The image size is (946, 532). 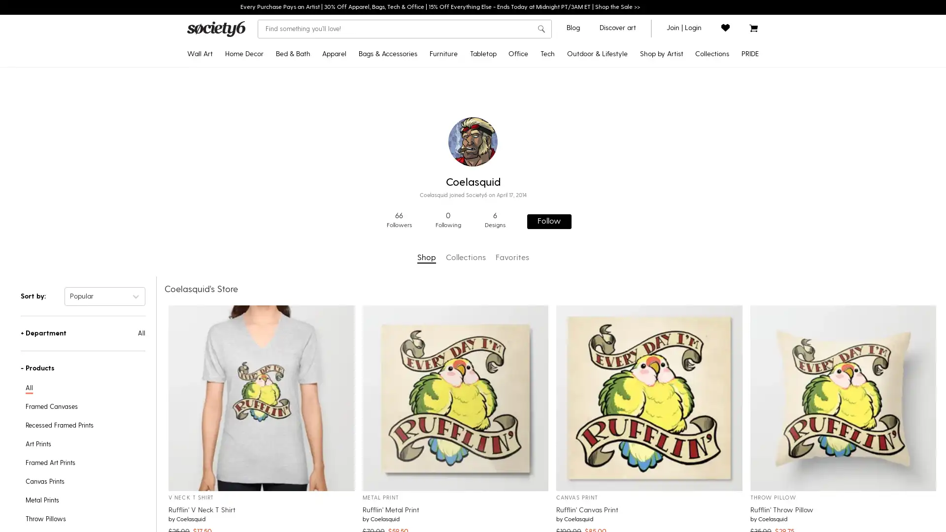 What do you see at coordinates (365, 190) in the screenshot?
I see `Leggings` at bounding box center [365, 190].